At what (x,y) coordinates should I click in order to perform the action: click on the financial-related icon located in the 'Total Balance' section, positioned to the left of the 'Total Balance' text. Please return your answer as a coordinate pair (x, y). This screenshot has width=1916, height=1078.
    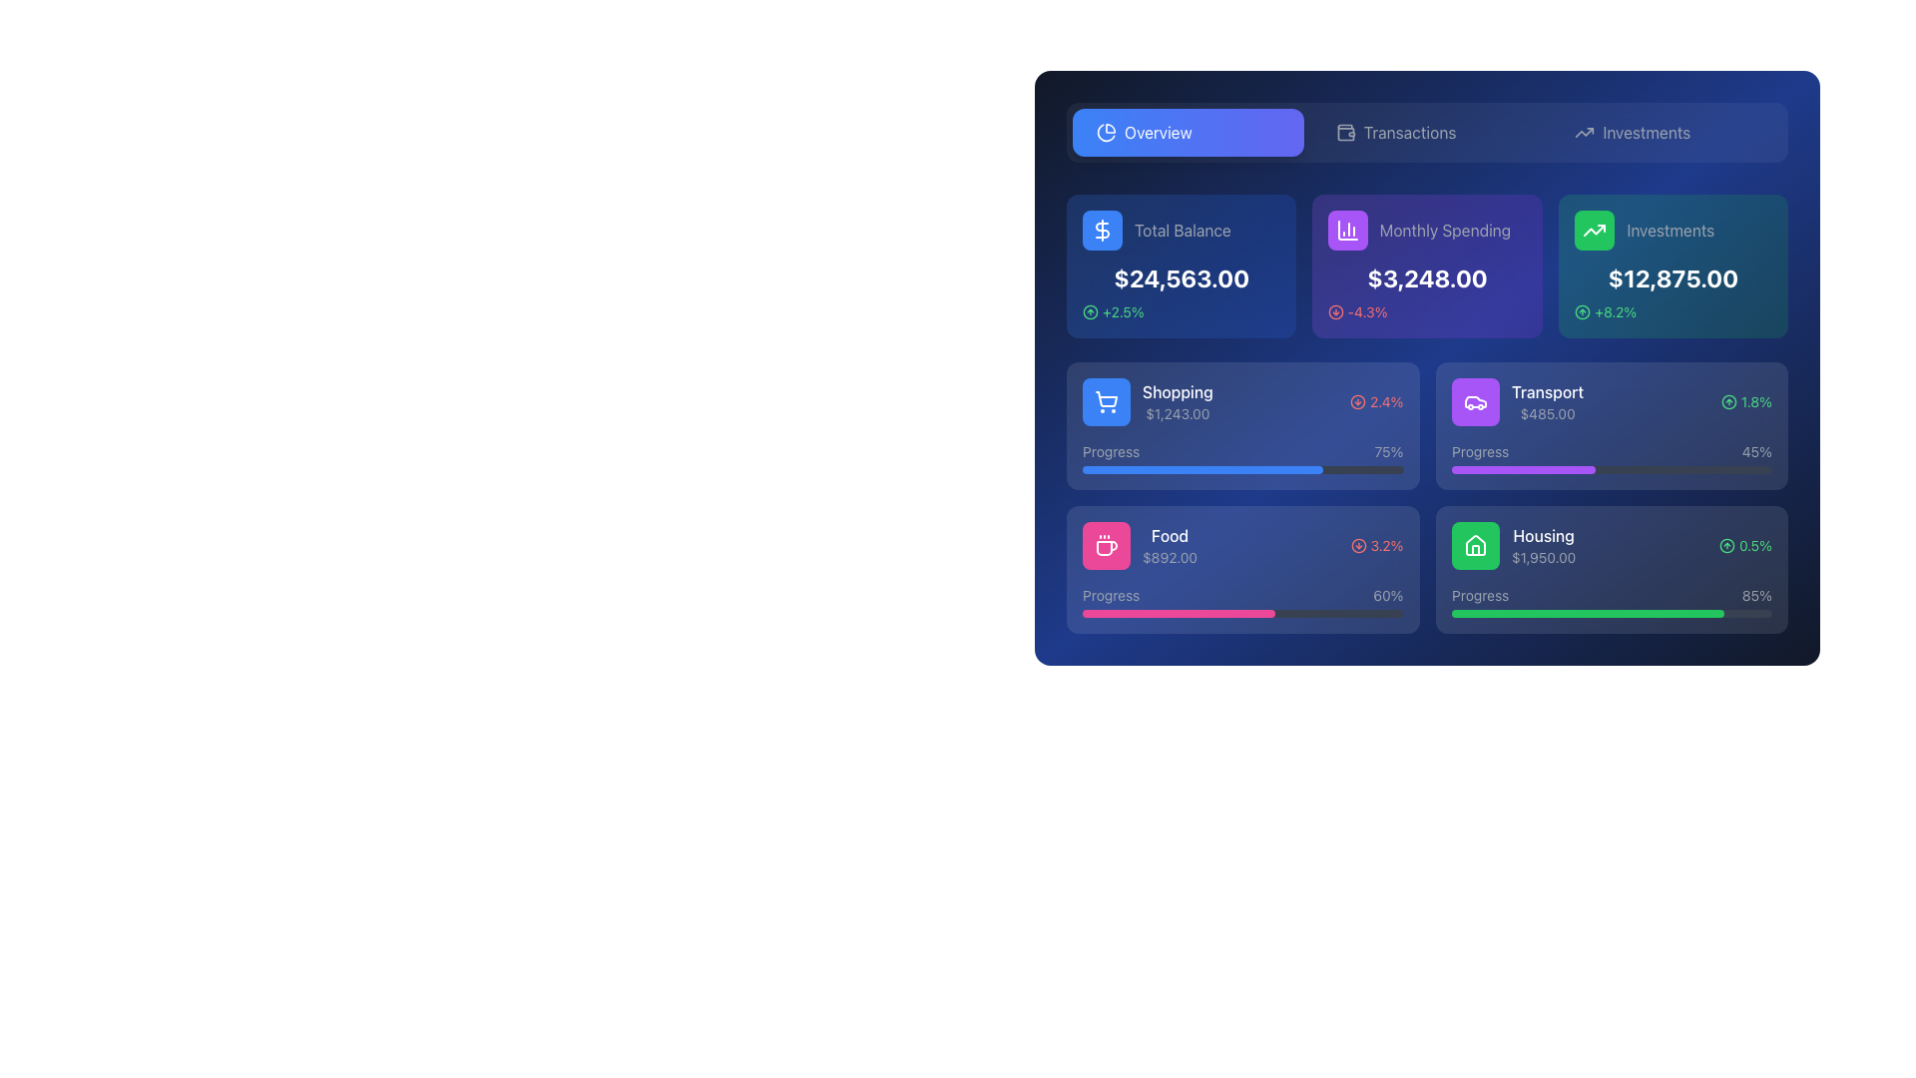
    Looking at the image, I should click on (1101, 230).